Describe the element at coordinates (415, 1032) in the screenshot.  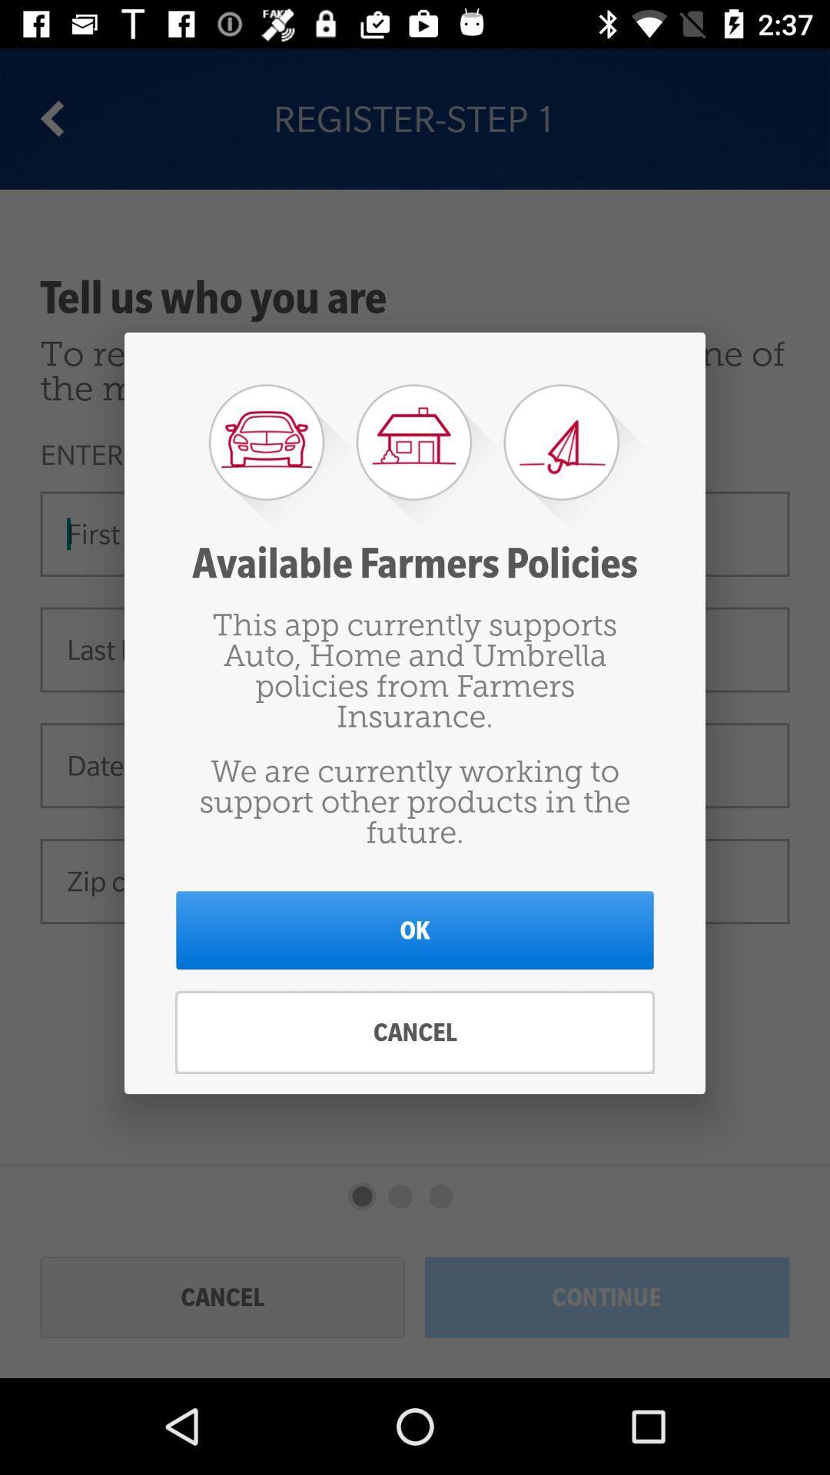
I see `the icon below the ok` at that location.